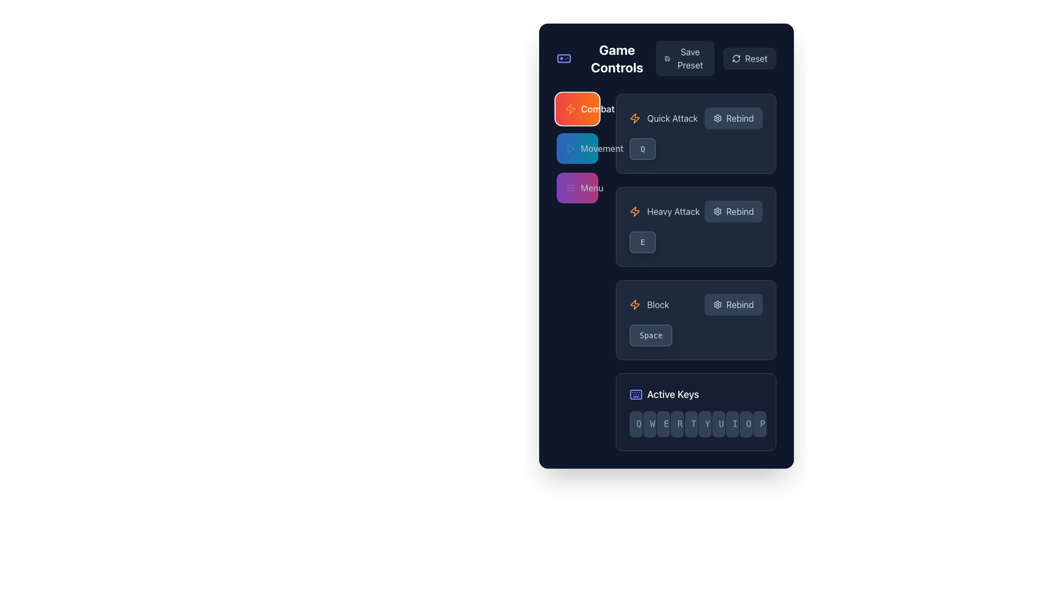 The width and height of the screenshot is (1052, 592). What do you see at coordinates (695, 395) in the screenshot?
I see `the 'Active Keys' label, which features a keyboard icon in light indigo and is styled with a clean white font on a dark slate background` at bounding box center [695, 395].